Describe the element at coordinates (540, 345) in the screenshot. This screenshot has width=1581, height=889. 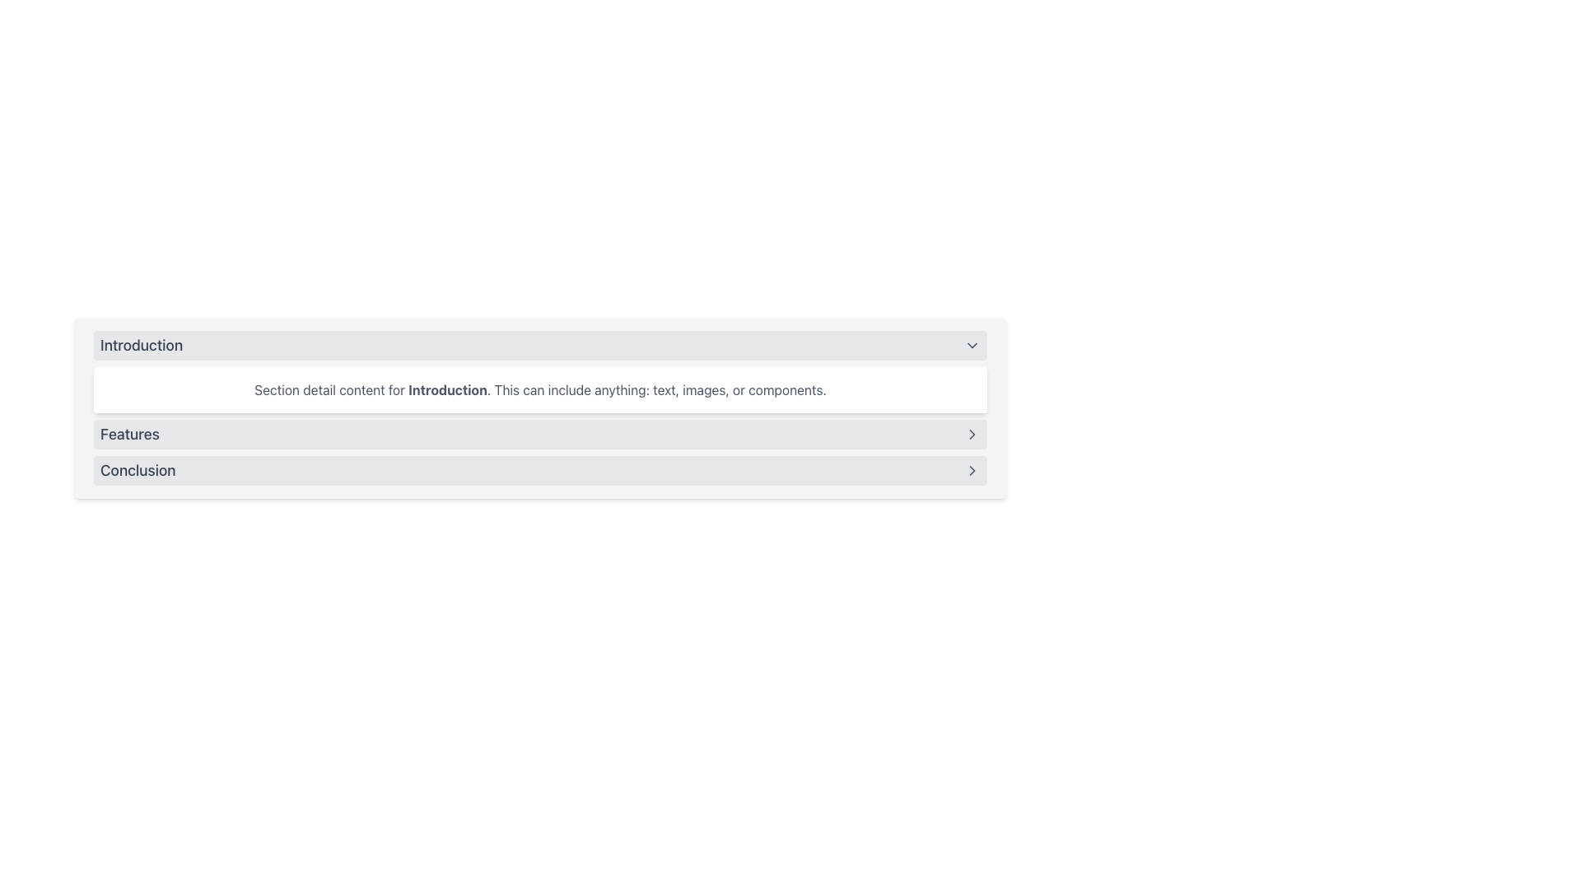
I see `the Accordion Header used for expanding or collapsing content related to 'Introduction' for accessibility interaction` at that location.